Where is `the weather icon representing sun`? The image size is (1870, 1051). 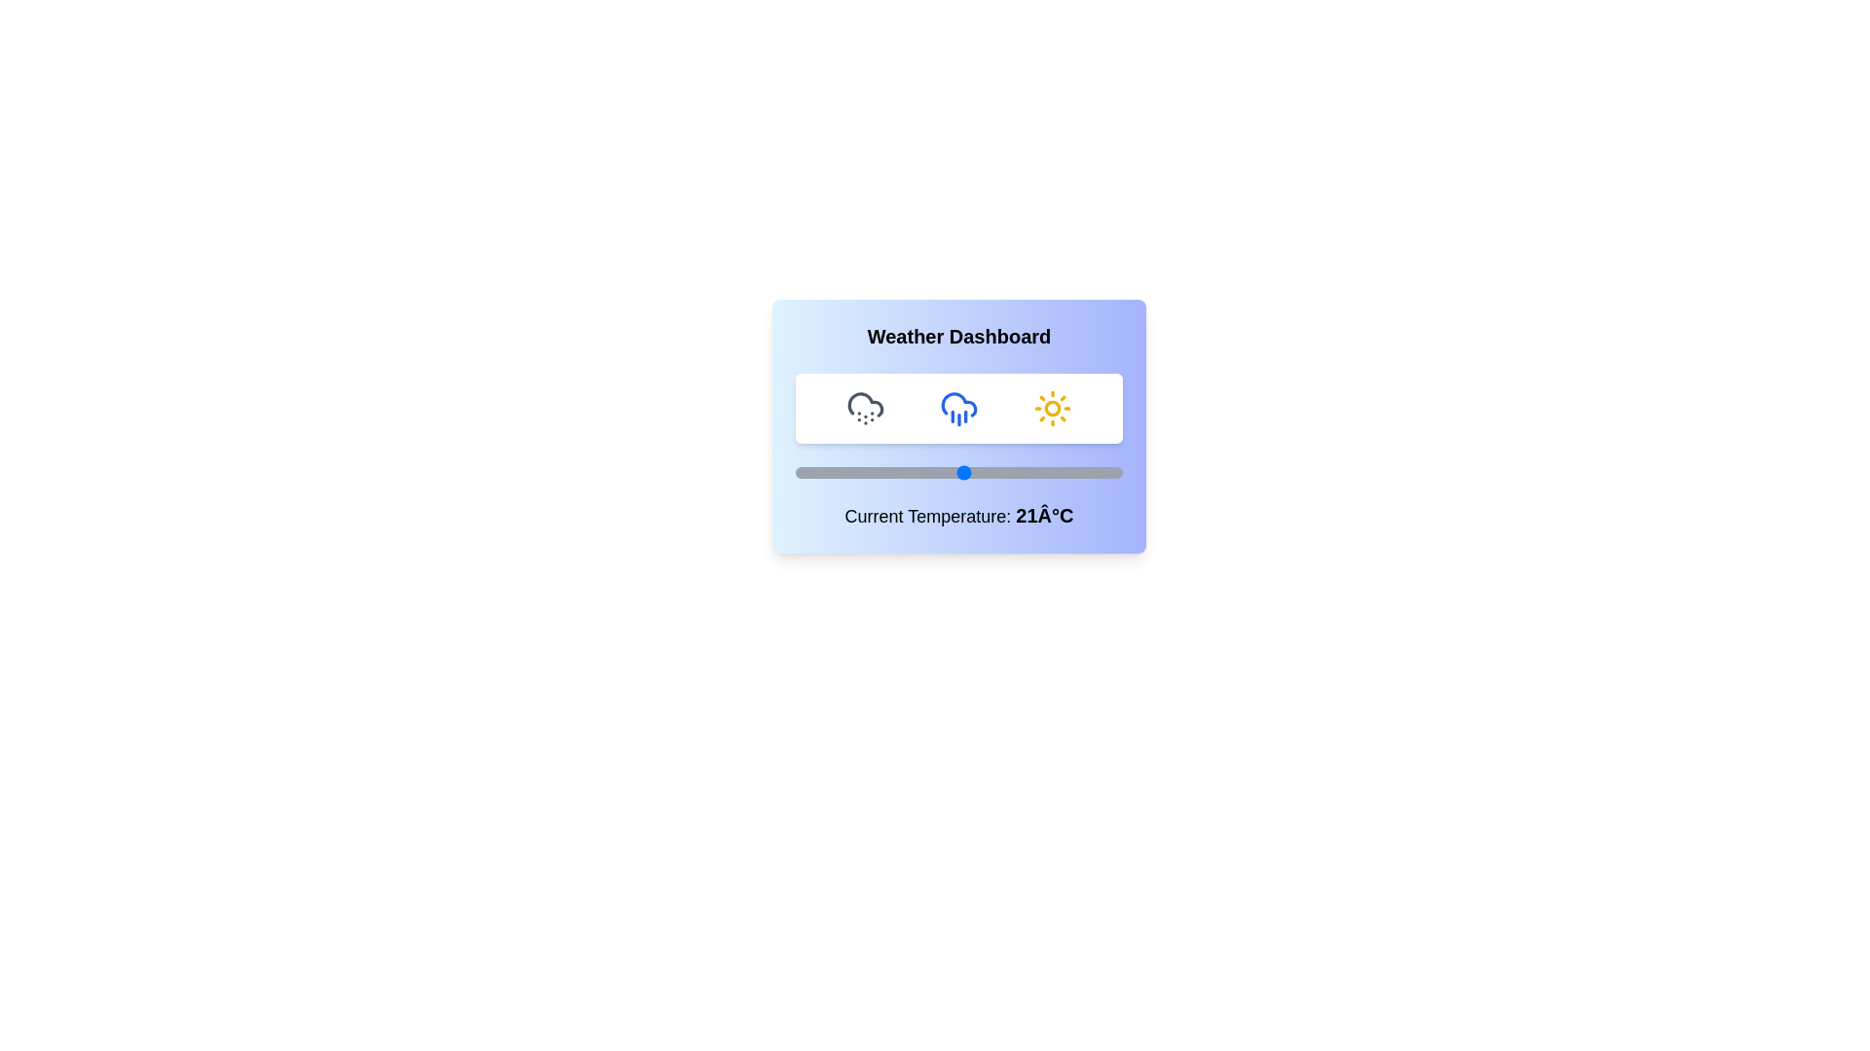
the weather icon representing sun is located at coordinates (1051, 408).